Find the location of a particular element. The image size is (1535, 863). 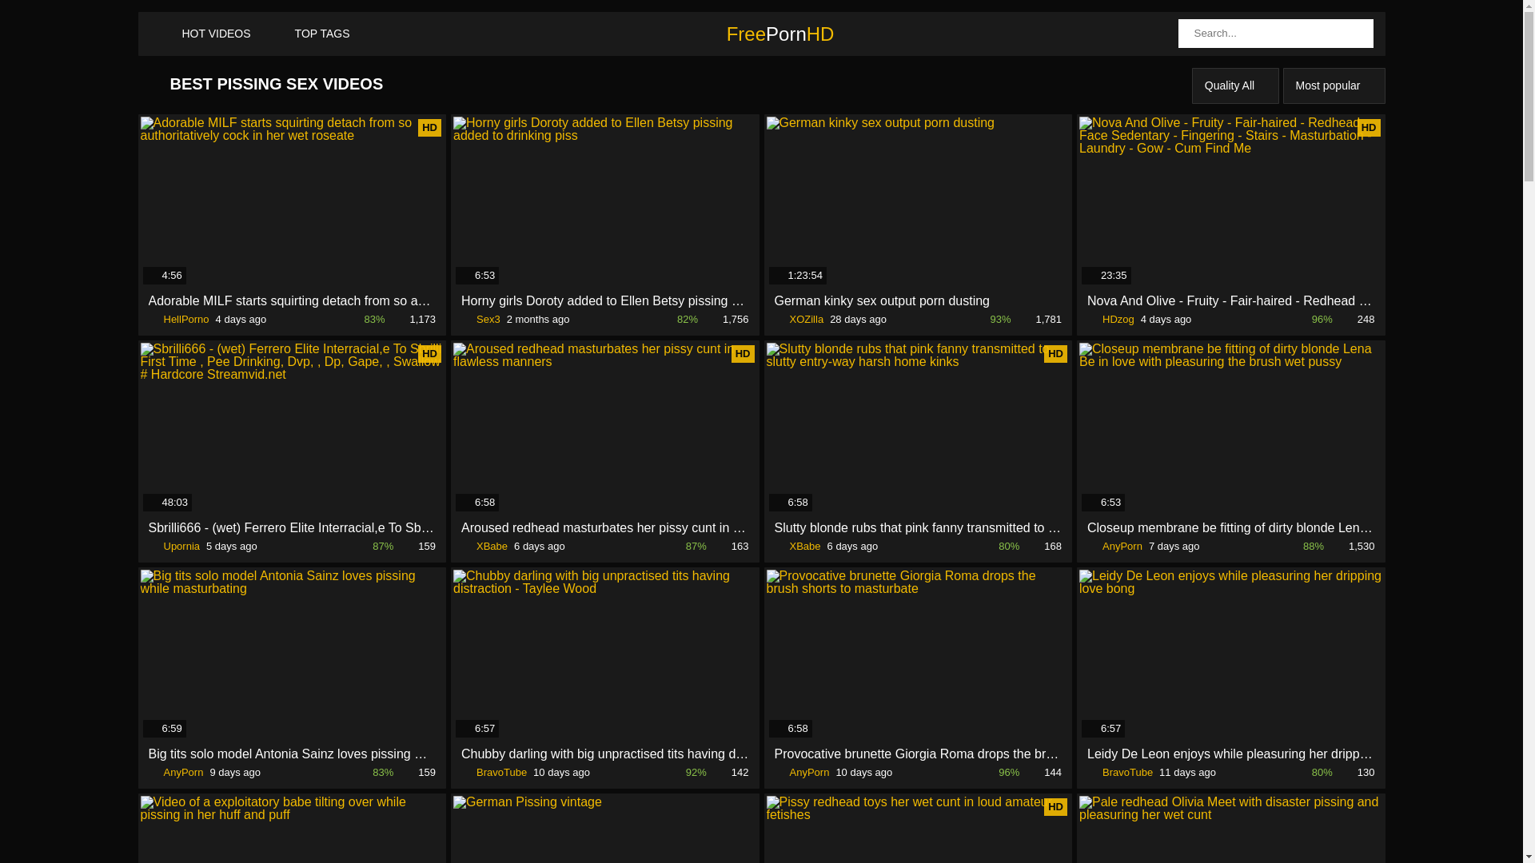

'XOZilla' is located at coordinates (774, 319).